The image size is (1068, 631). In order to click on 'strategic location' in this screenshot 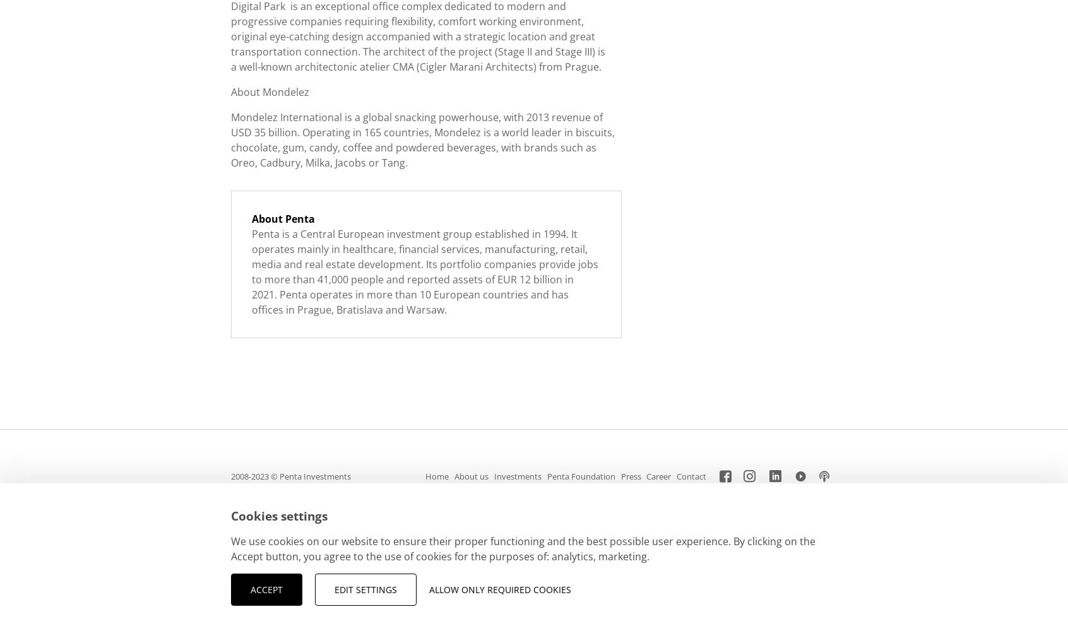, I will do `click(505, 37)`.